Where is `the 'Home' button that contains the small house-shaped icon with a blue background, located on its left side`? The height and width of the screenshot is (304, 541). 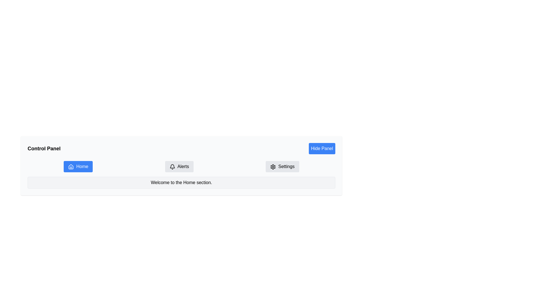
the 'Home' button that contains the small house-shaped icon with a blue background, located on its left side is located at coordinates (71, 166).